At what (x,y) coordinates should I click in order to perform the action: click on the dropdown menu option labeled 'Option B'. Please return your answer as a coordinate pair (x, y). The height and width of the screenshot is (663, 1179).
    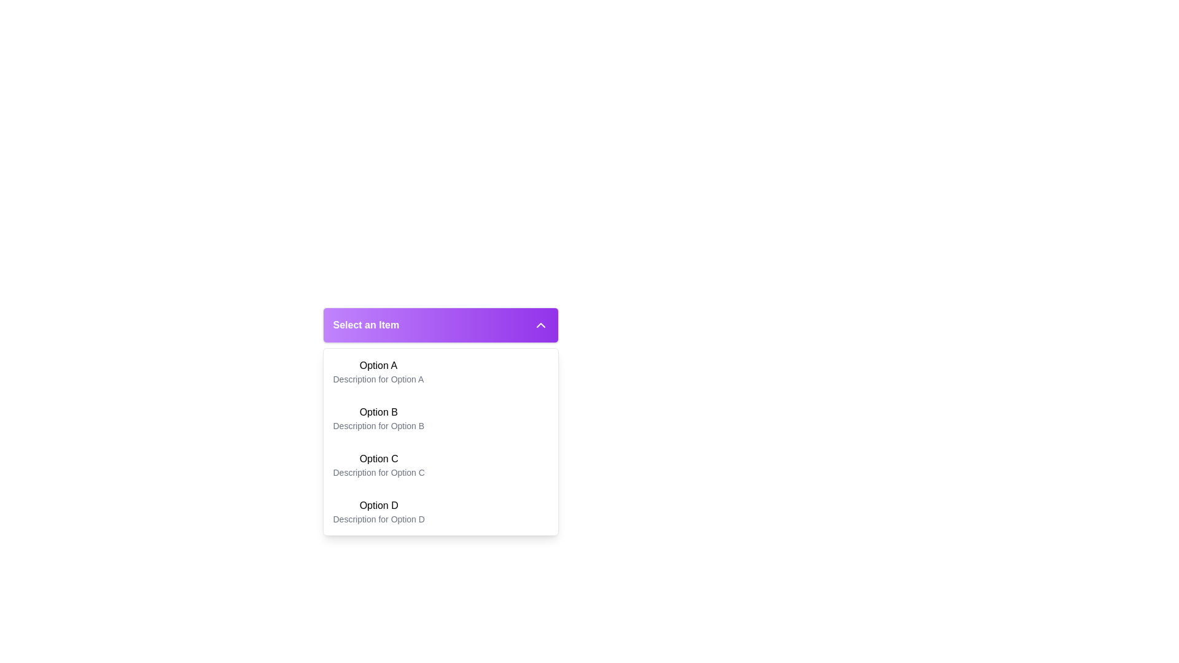
    Looking at the image, I should click on (378, 418).